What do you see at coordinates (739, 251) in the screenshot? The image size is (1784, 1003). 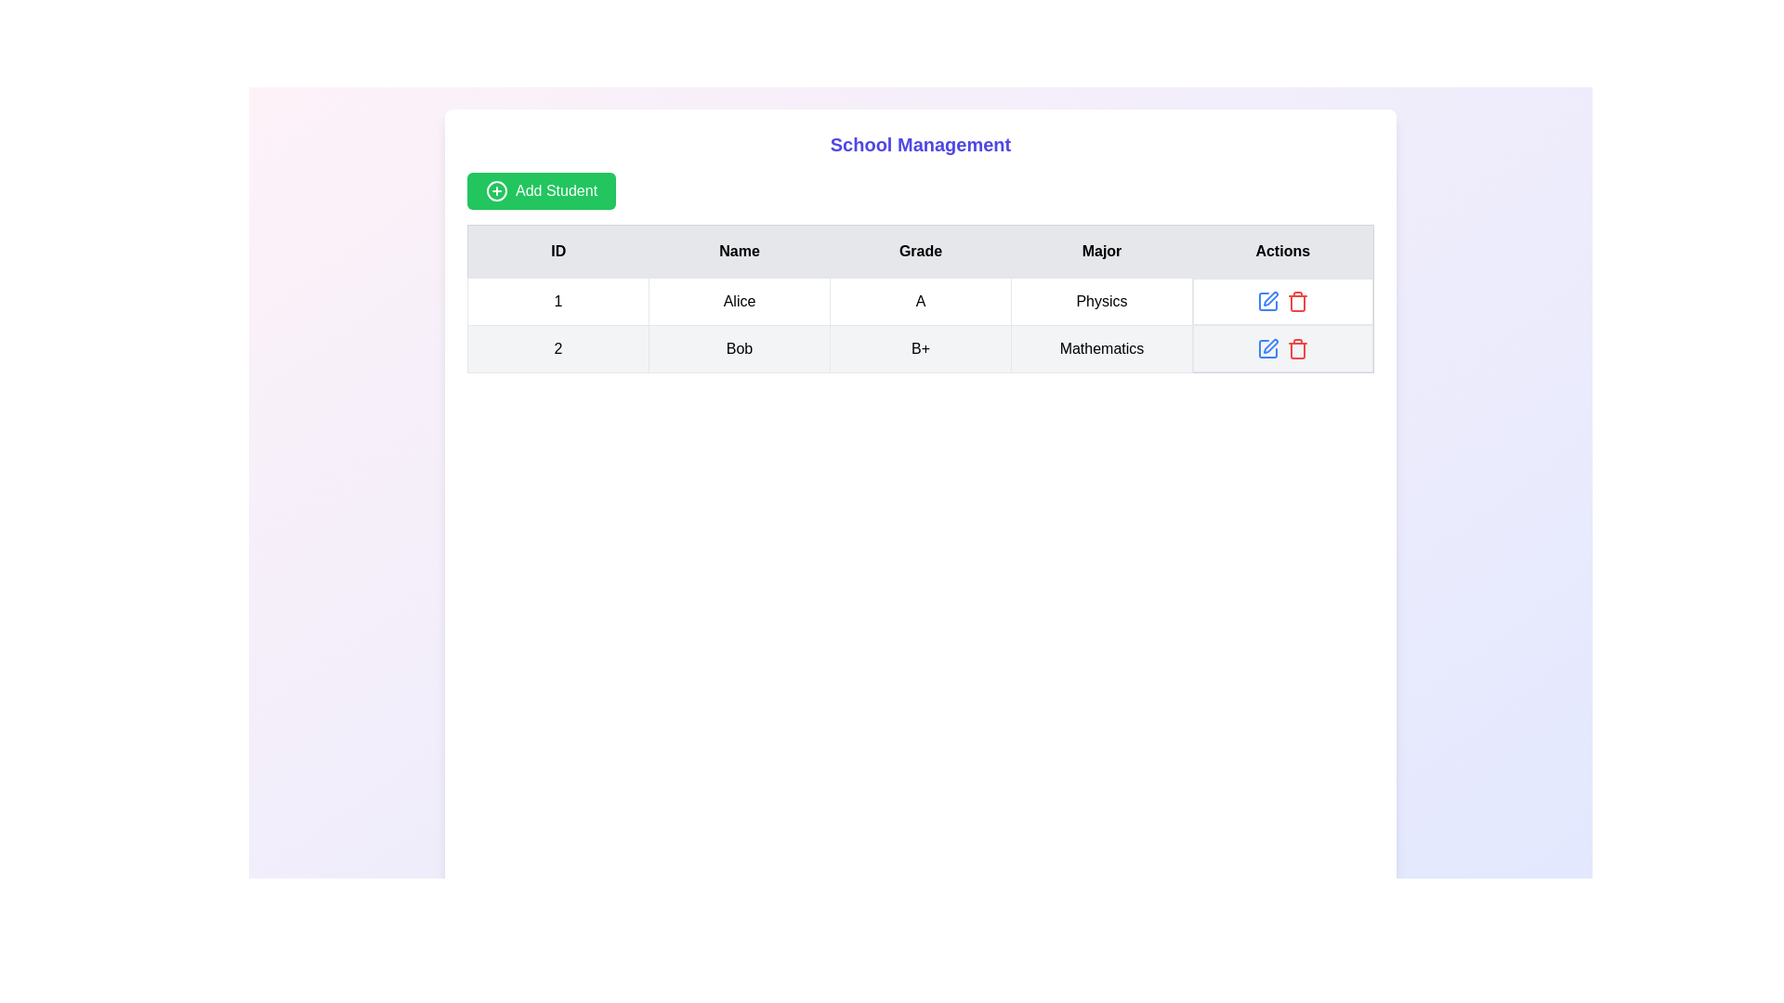 I see `the text label displaying 'Name' located in the header row of a table, positioned between 'ID' and 'Grade'` at bounding box center [739, 251].